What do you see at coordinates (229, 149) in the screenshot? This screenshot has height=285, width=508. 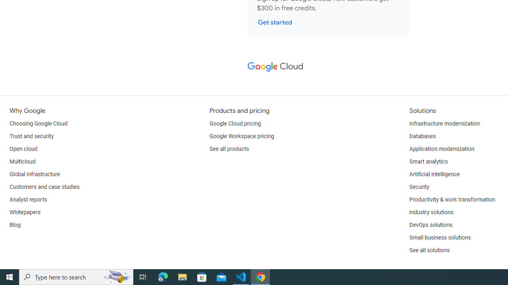 I see `'See all products'` at bounding box center [229, 149].